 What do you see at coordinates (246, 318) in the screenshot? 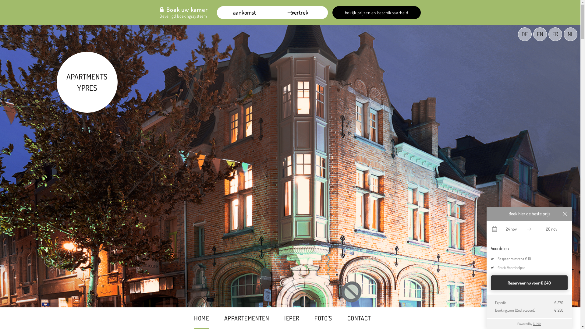
I see `'APPARTEMENTEN'` at bounding box center [246, 318].